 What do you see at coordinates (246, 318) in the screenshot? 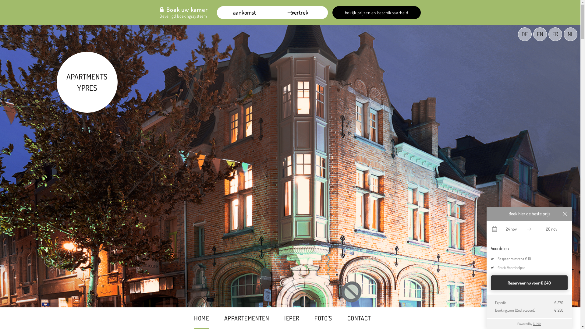
I see `'APPARTEMENTEN'` at bounding box center [246, 318].